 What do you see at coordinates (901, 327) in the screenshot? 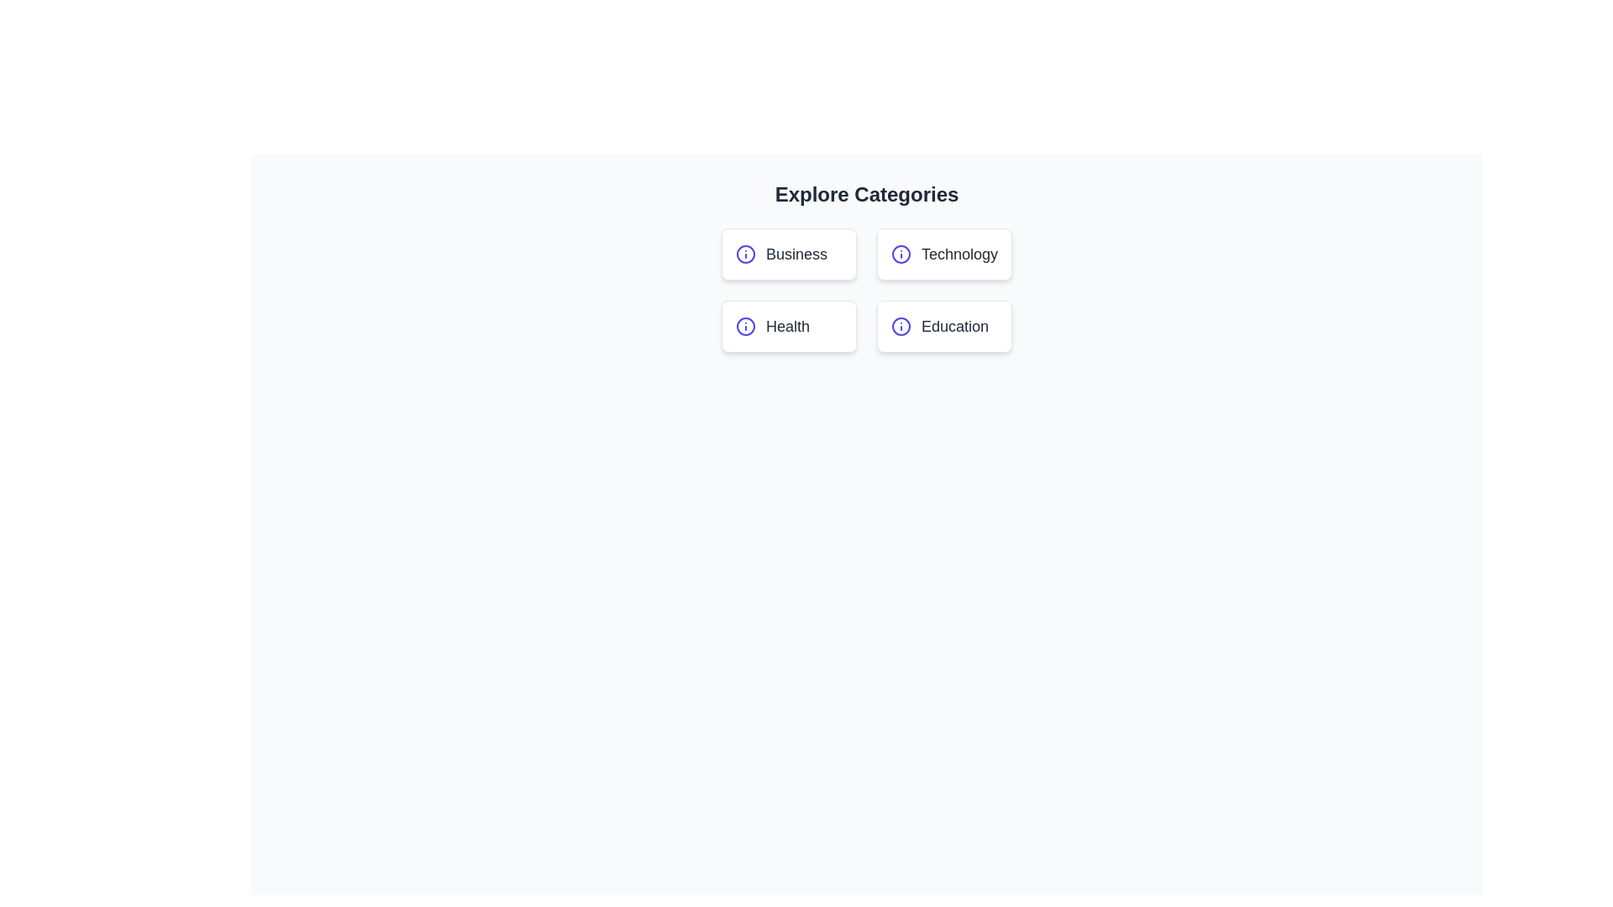
I see `the information indicator icon associated with the 'Education' label` at bounding box center [901, 327].